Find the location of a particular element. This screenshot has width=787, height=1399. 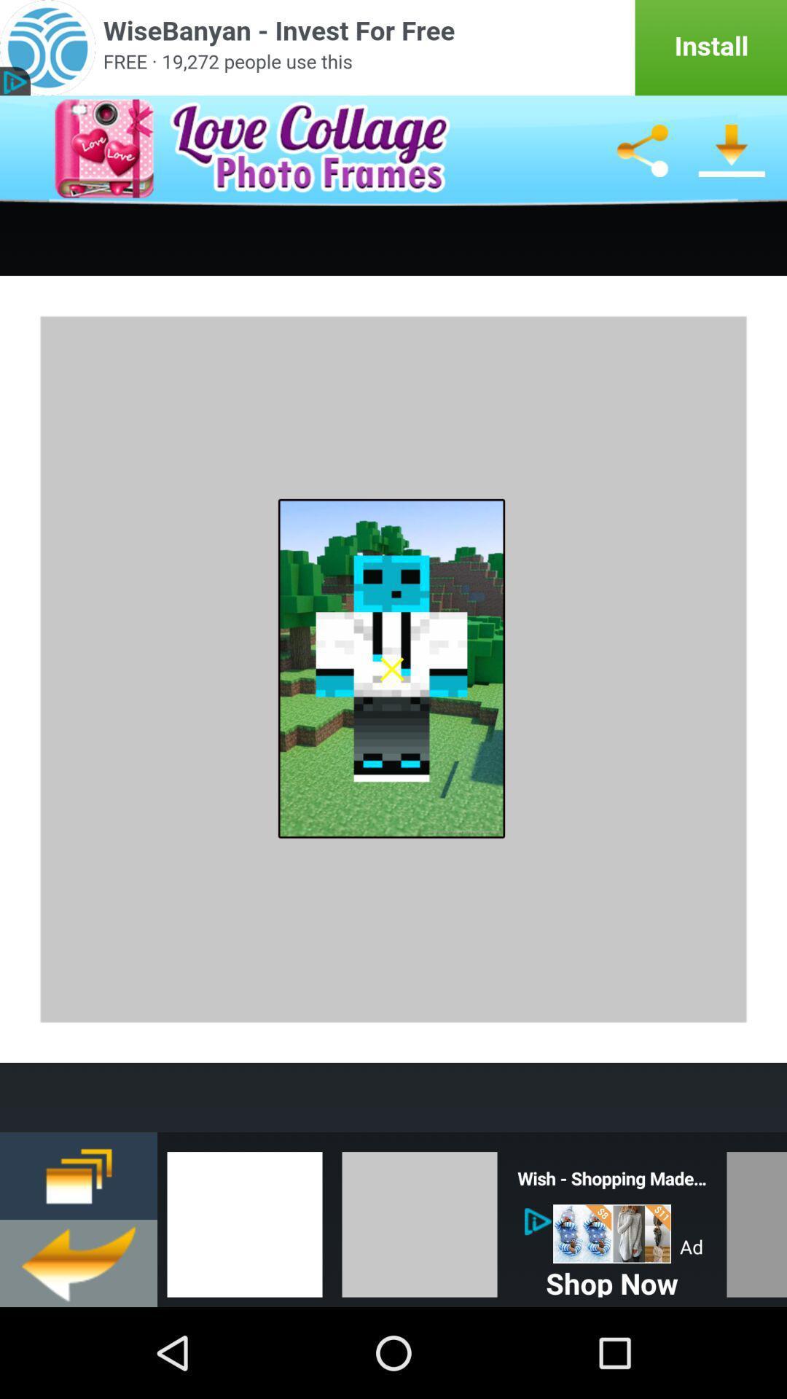

download is located at coordinates (732, 150).